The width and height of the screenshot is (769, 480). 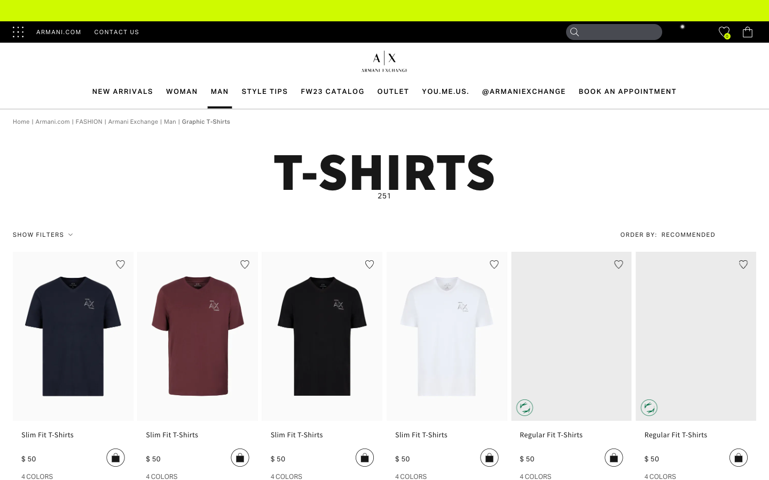 I want to click on Pick different shades for the last T-shirt in the queue, so click(x=660, y=476).